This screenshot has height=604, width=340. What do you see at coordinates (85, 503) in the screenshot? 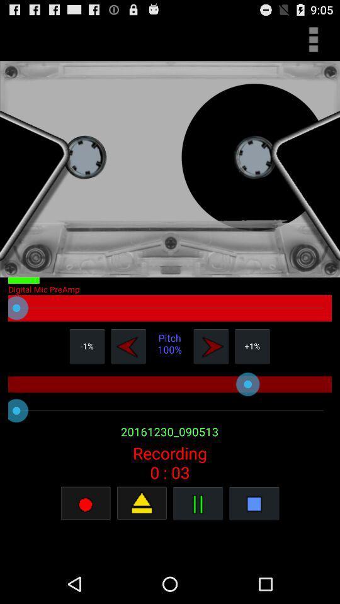
I see `start recording` at bounding box center [85, 503].